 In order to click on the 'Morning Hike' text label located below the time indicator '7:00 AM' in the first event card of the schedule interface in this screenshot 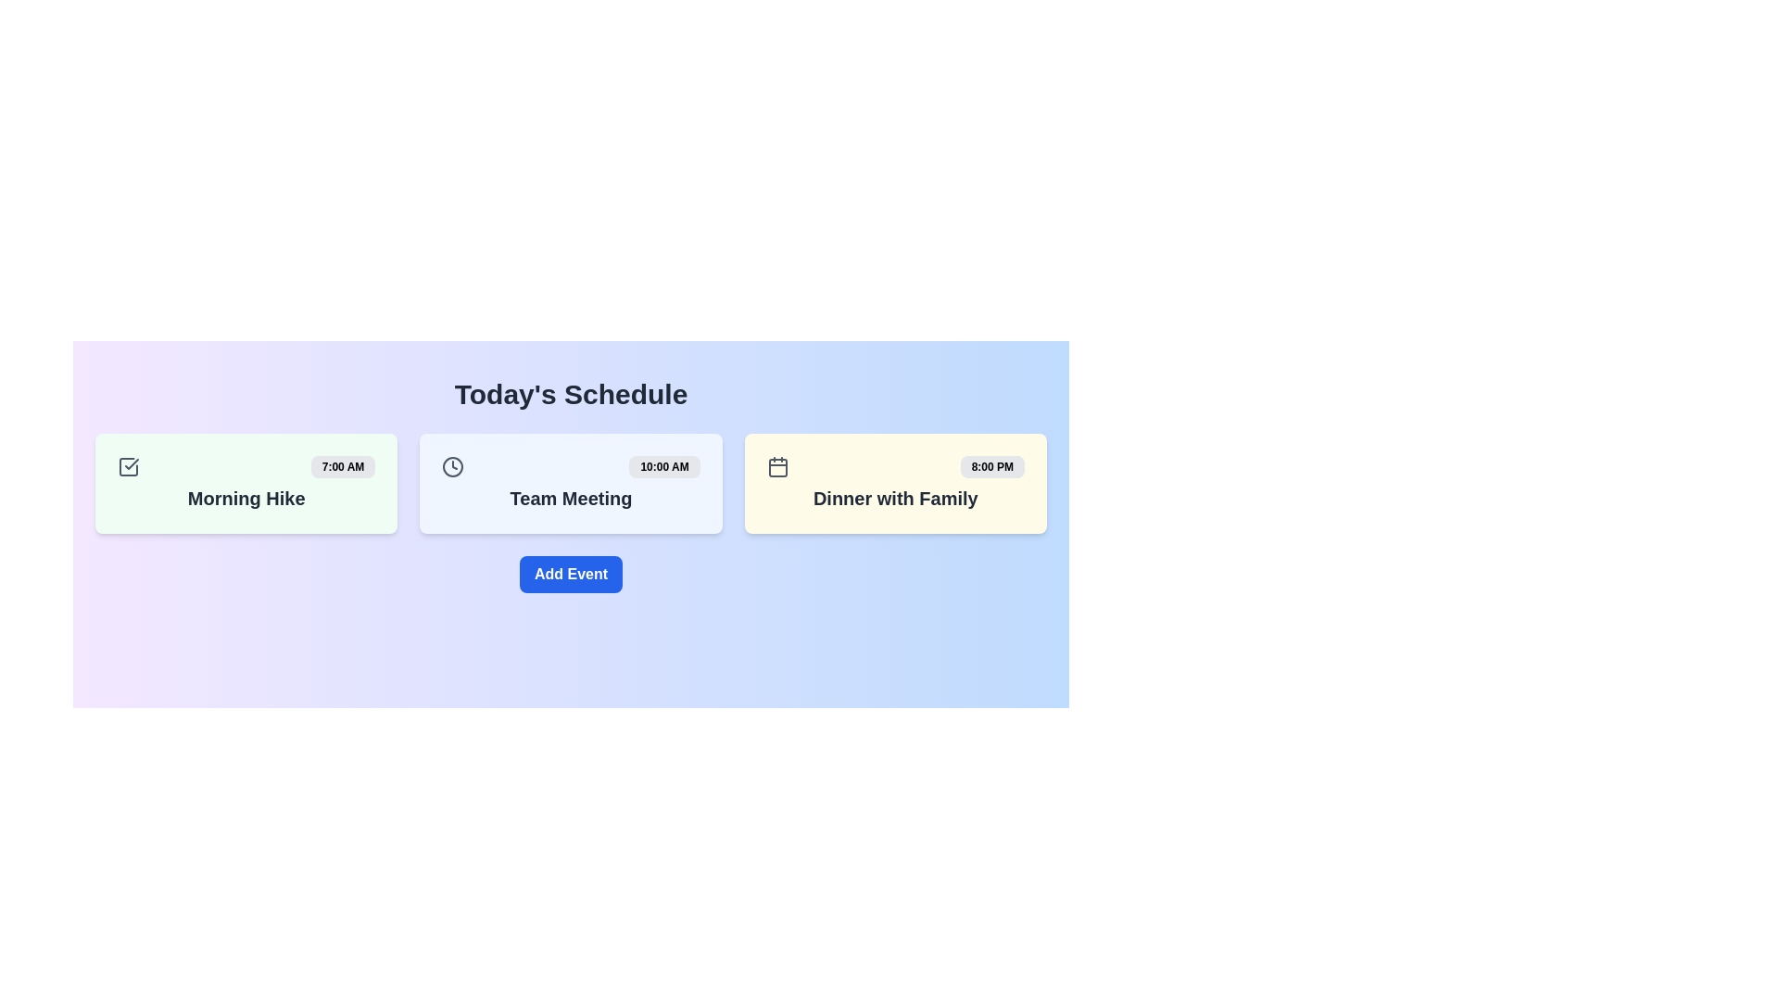, I will do `click(246, 497)`.